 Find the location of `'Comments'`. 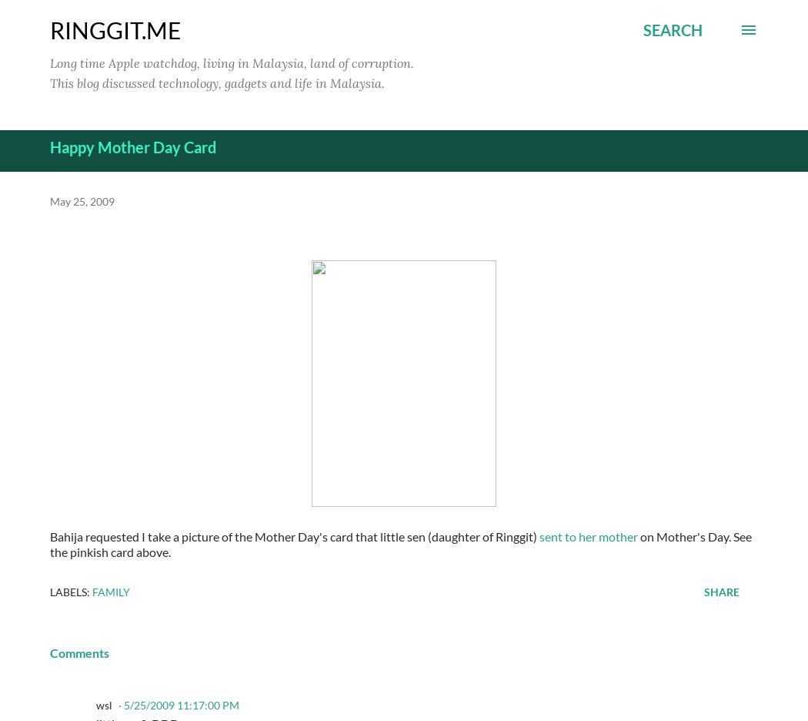

'Comments' is located at coordinates (79, 652).